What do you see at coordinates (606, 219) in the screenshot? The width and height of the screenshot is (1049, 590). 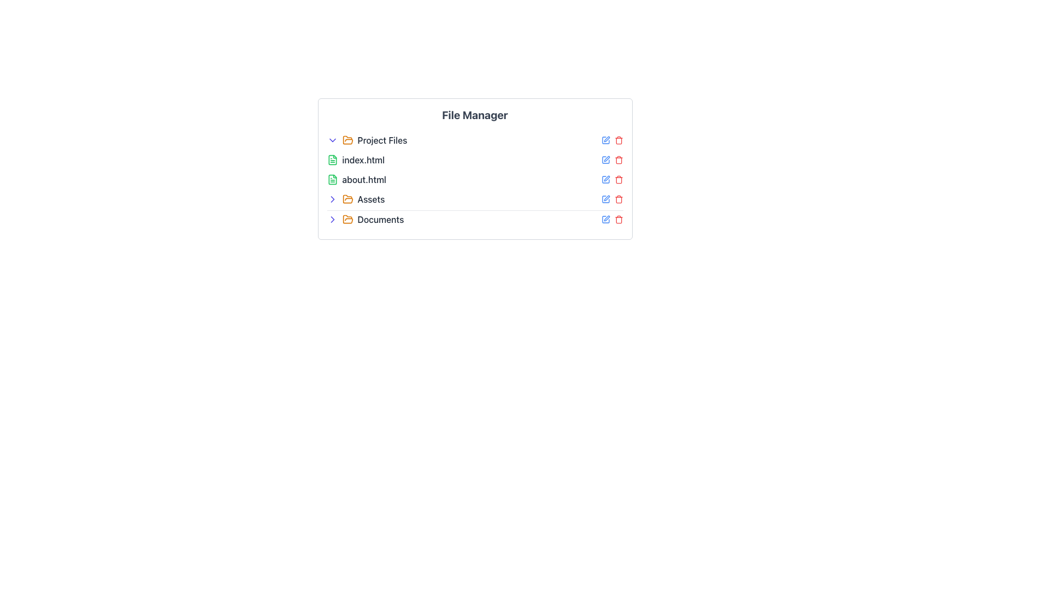 I see `the decorative pen-like icon associated with the 'Documents' entry in the file manager's context, which is the second sub-component within the icon` at bounding box center [606, 219].